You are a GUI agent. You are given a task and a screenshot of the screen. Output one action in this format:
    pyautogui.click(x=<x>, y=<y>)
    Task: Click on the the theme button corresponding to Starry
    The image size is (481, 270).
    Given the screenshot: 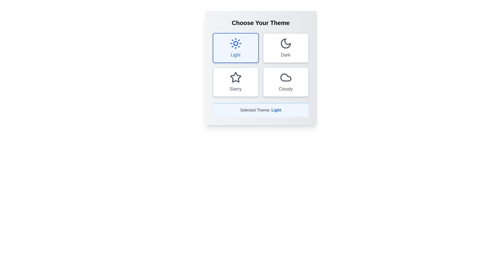 What is the action you would take?
    pyautogui.click(x=235, y=81)
    